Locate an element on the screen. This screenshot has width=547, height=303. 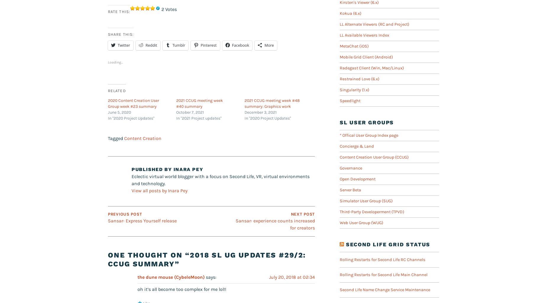
'Simulator User Group (SUG)' is located at coordinates (339, 201).